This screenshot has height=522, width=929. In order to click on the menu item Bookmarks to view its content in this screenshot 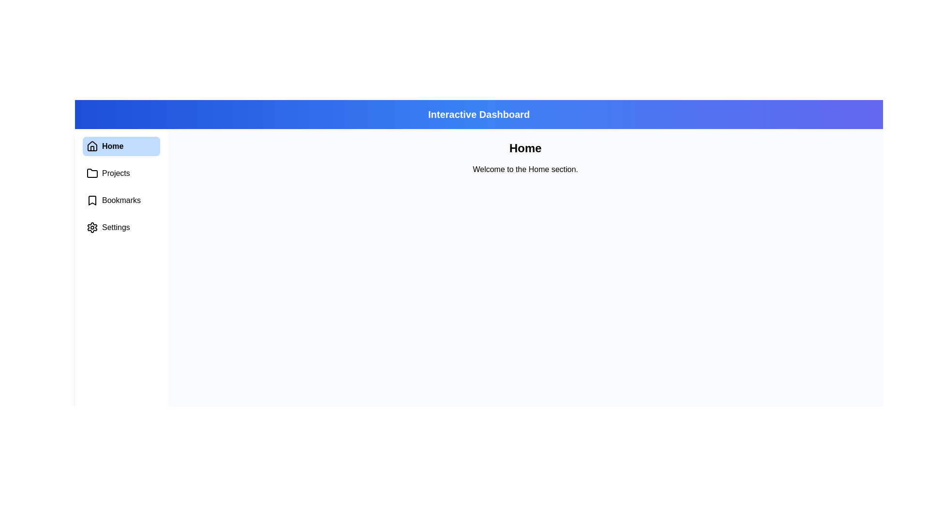, I will do `click(120, 200)`.